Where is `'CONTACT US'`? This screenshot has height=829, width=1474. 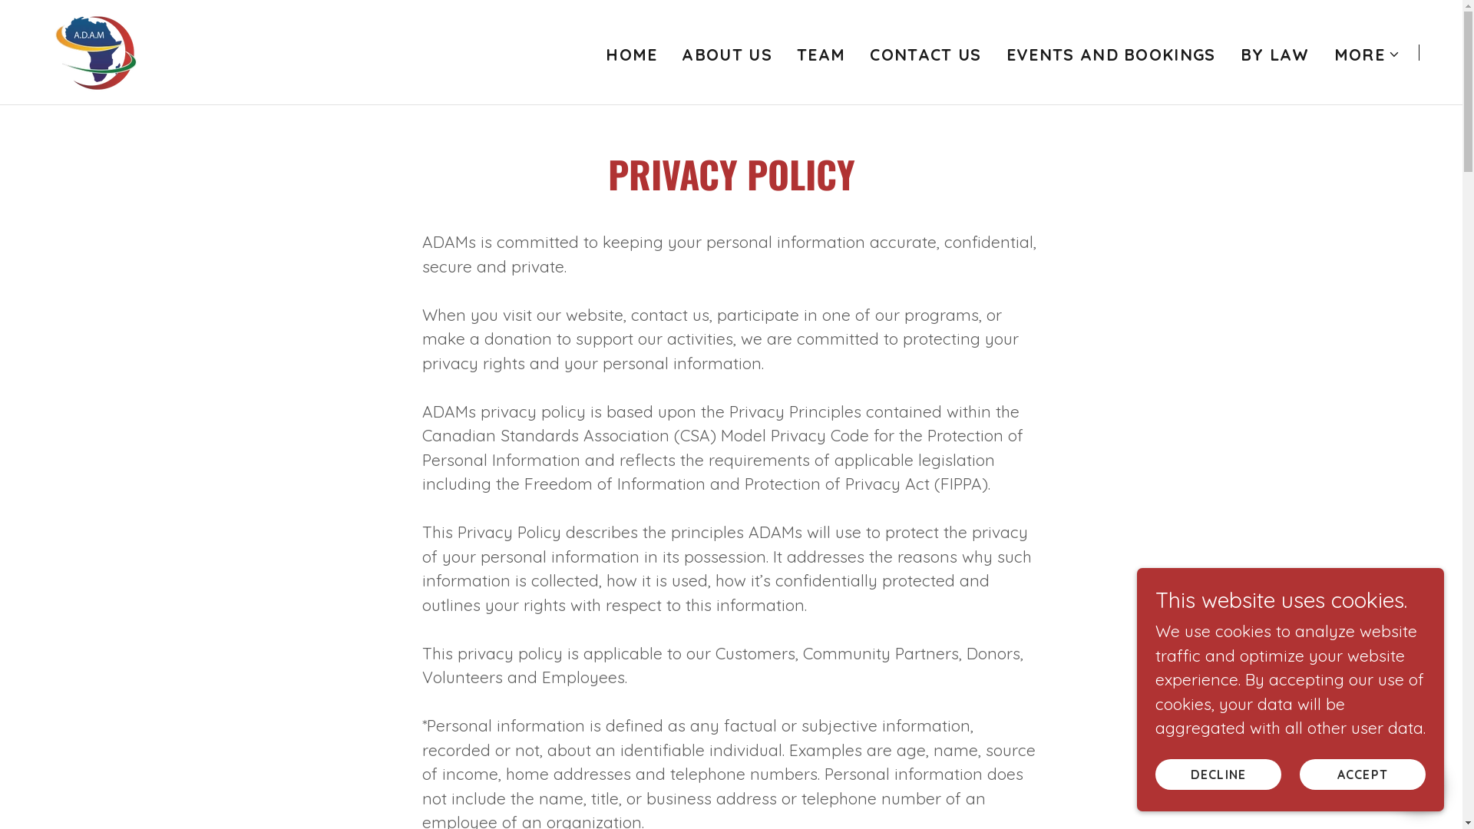 'CONTACT US' is located at coordinates (924, 52).